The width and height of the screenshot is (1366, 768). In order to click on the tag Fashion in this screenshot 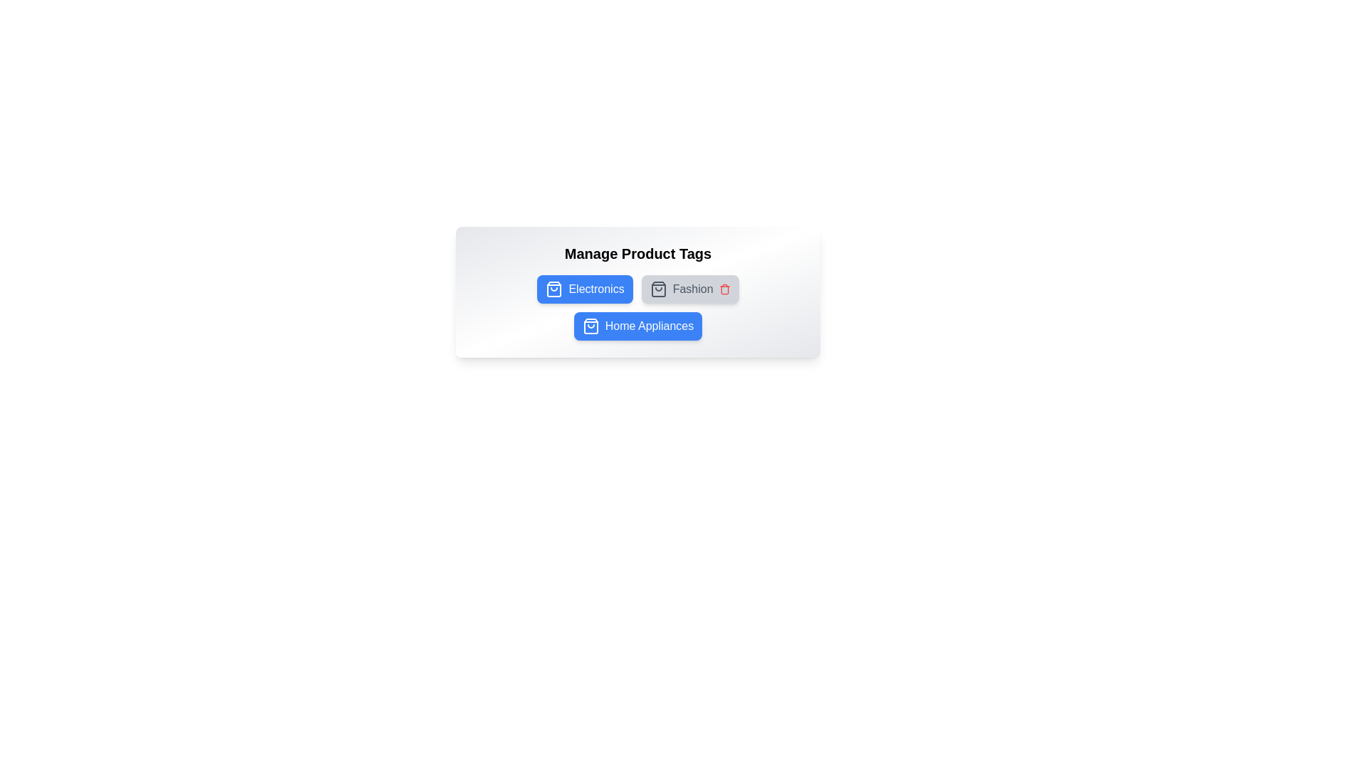, I will do `click(690, 289)`.